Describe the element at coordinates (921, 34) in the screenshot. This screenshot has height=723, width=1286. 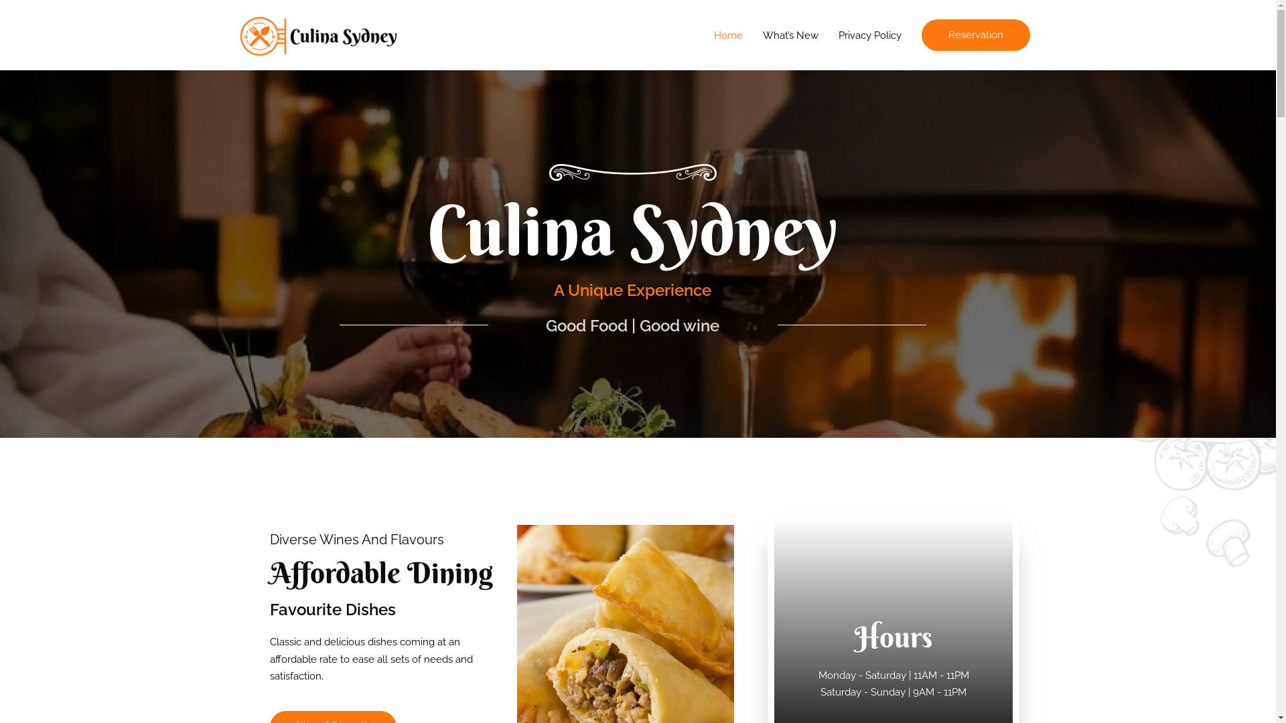
I see `'Reservation'` at that location.